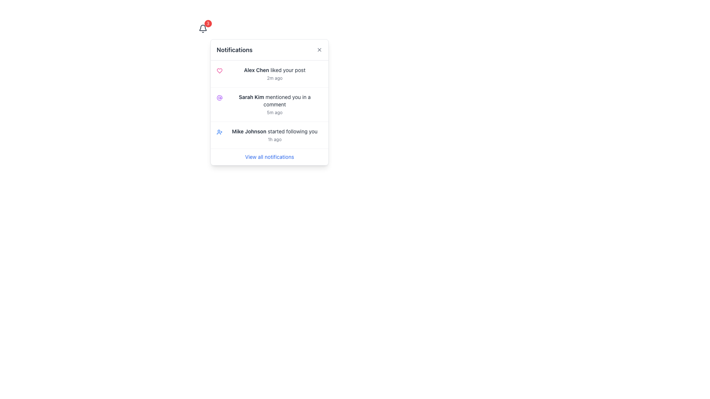  I want to click on the label displaying 'Mike Johnson' which indicates that this user started following you, located in the notification list of a popup interface, so click(249, 131).